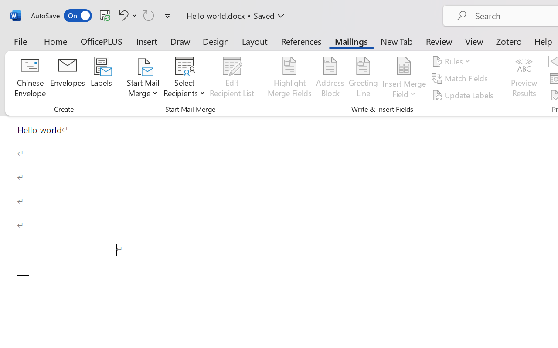 This screenshot has height=348, width=558. What do you see at coordinates (122, 15) in the screenshot?
I see `'Undo Paragraph Formatting'` at bounding box center [122, 15].